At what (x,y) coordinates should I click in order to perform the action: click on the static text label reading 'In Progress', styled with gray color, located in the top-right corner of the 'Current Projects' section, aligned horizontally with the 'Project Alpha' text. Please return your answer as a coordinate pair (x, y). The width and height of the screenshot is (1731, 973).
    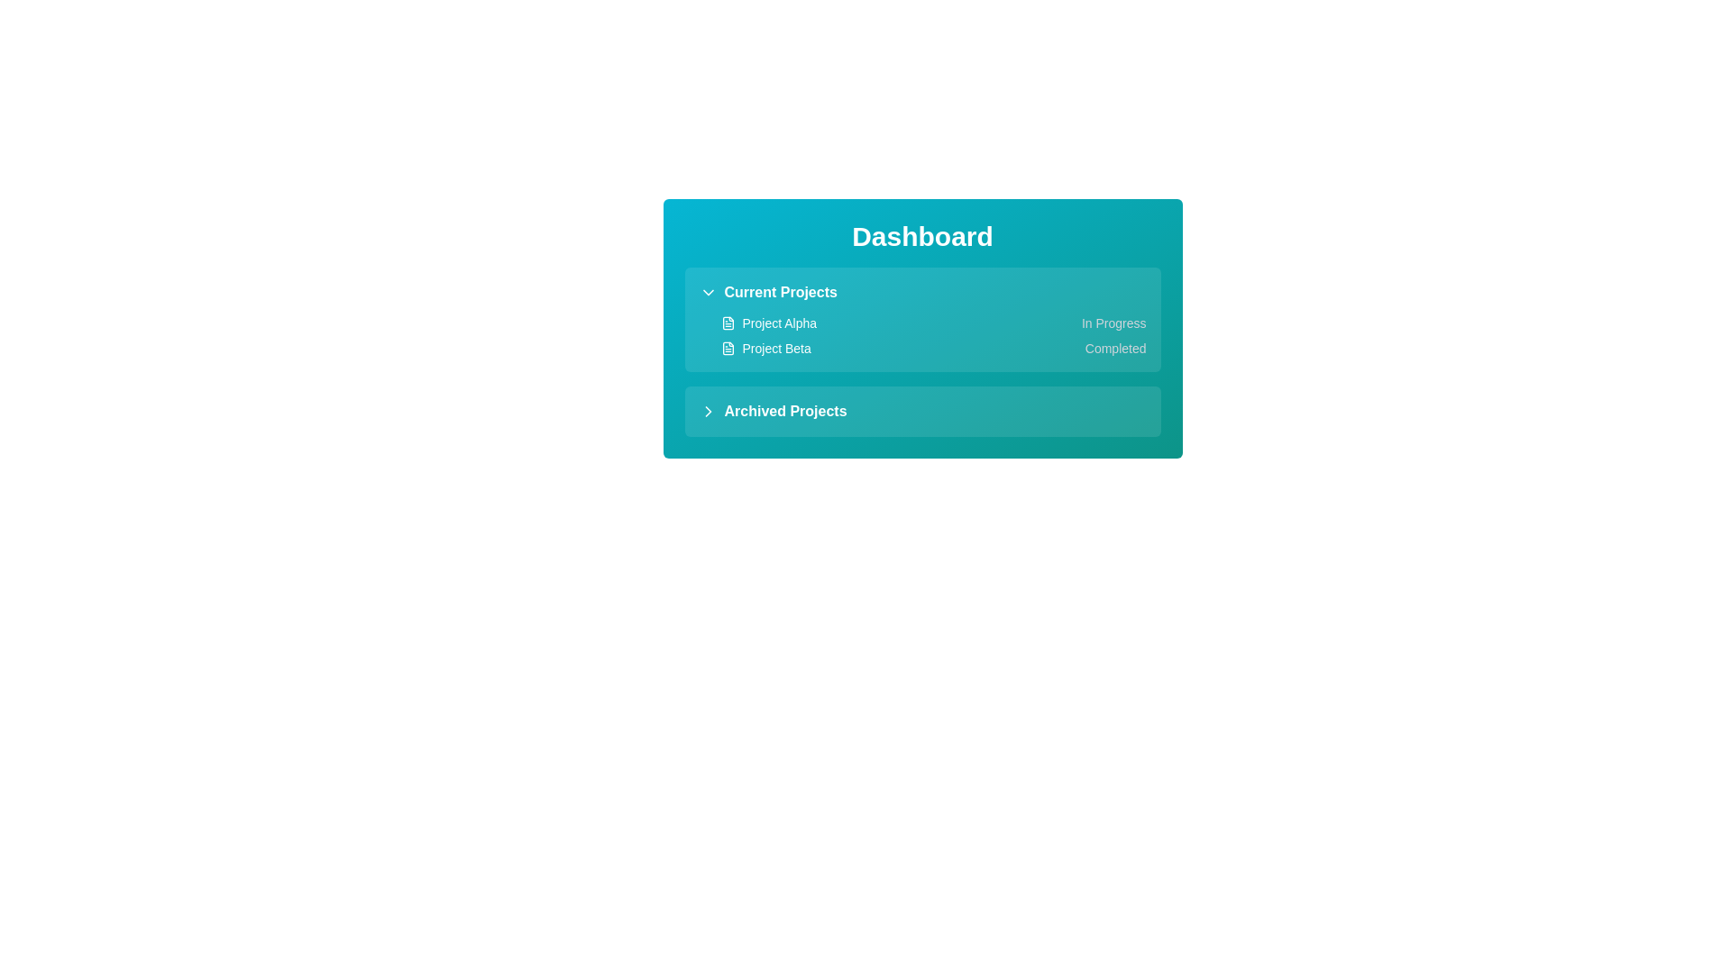
    Looking at the image, I should click on (1113, 322).